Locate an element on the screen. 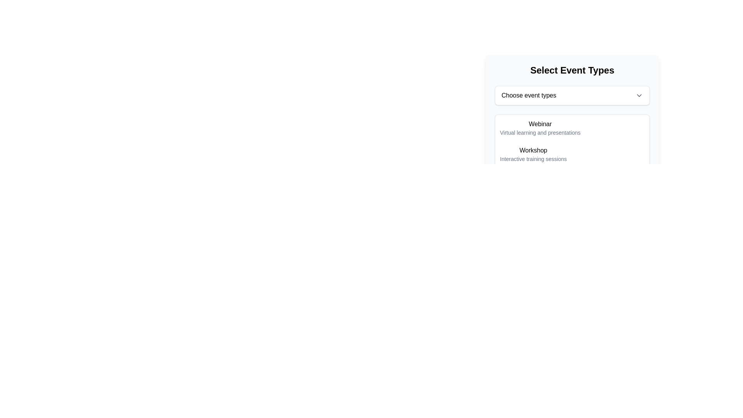  the descriptive text label located below the 'Webinar' title is located at coordinates (540, 132).